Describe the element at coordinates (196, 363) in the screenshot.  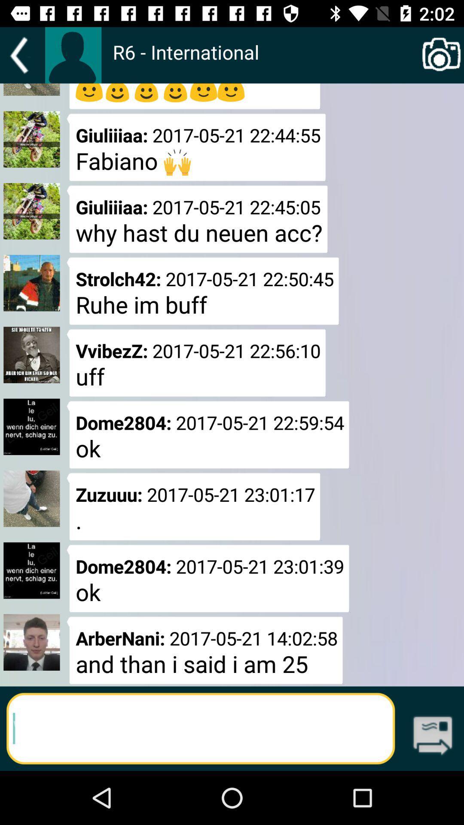
I see `vvibezz 2017 05 icon` at that location.